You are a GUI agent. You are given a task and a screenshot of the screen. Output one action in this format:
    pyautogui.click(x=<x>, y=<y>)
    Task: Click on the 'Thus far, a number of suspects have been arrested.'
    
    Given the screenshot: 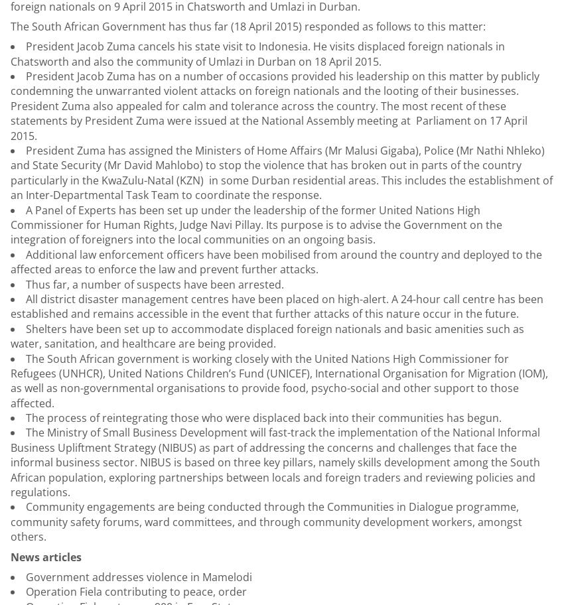 What is the action you would take?
    pyautogui.click(x=155, y=283)
    